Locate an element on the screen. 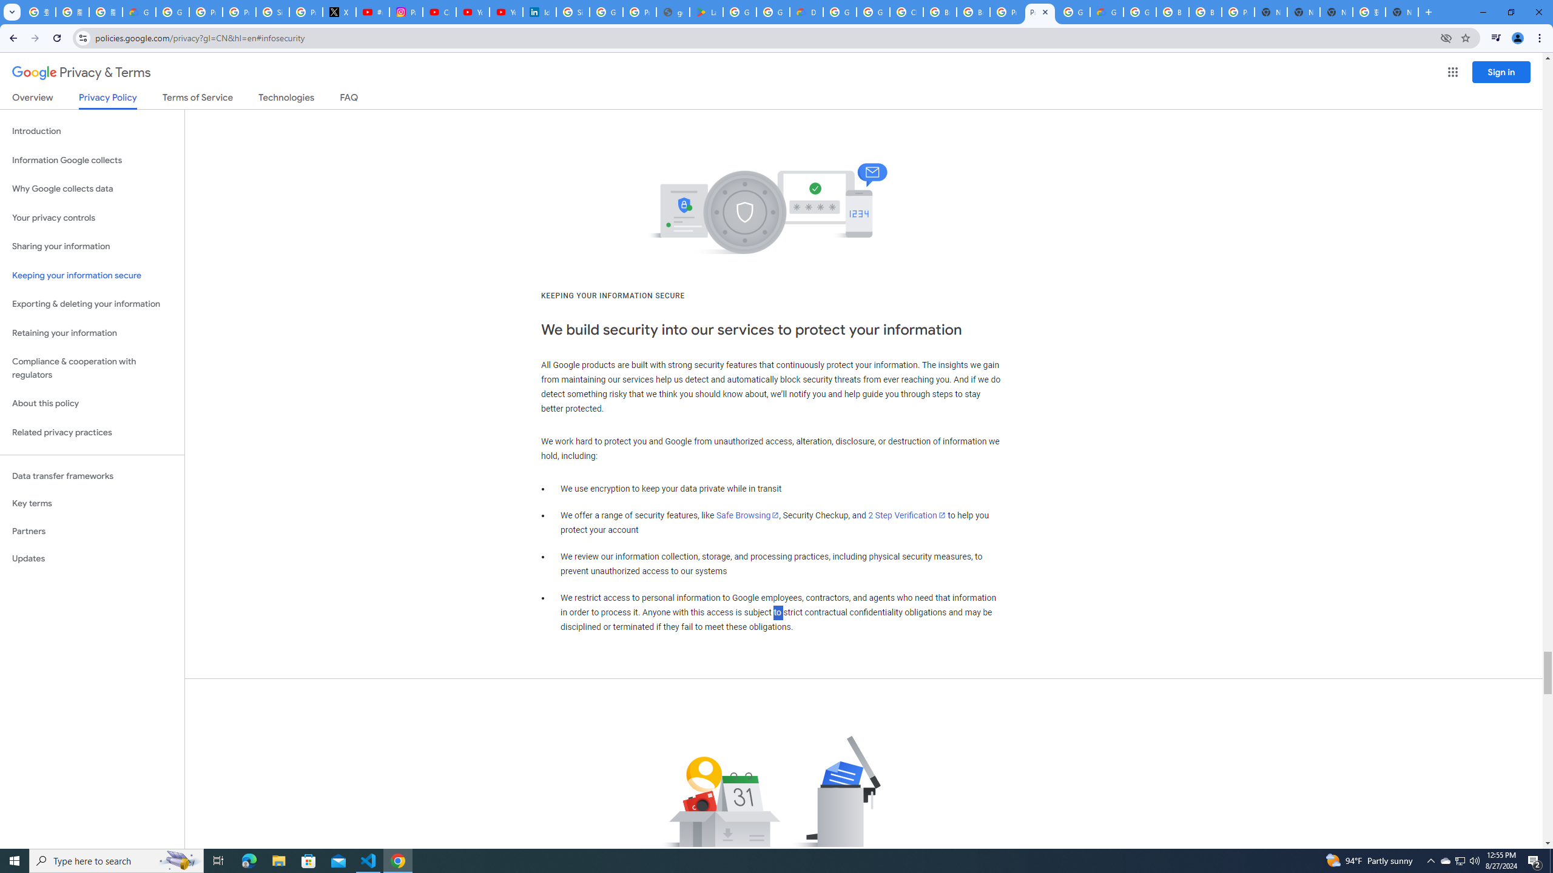  'Privacy Policy' is located at coordinates (106, 100).